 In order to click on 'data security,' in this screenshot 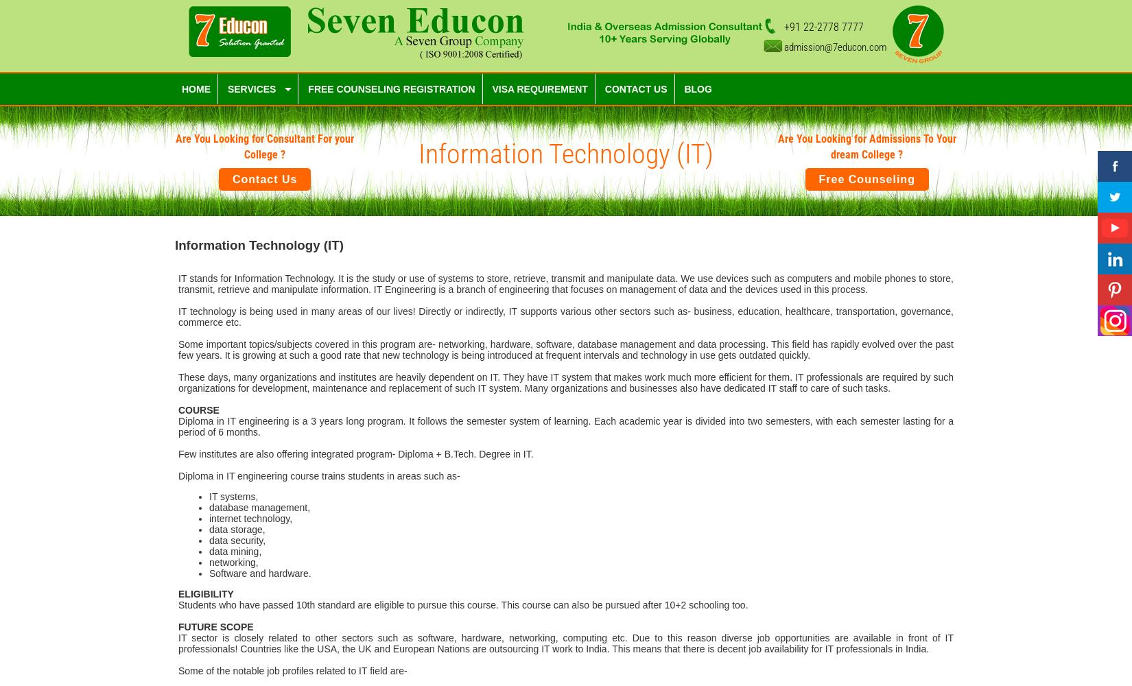, I will do `click(237, 540)`.